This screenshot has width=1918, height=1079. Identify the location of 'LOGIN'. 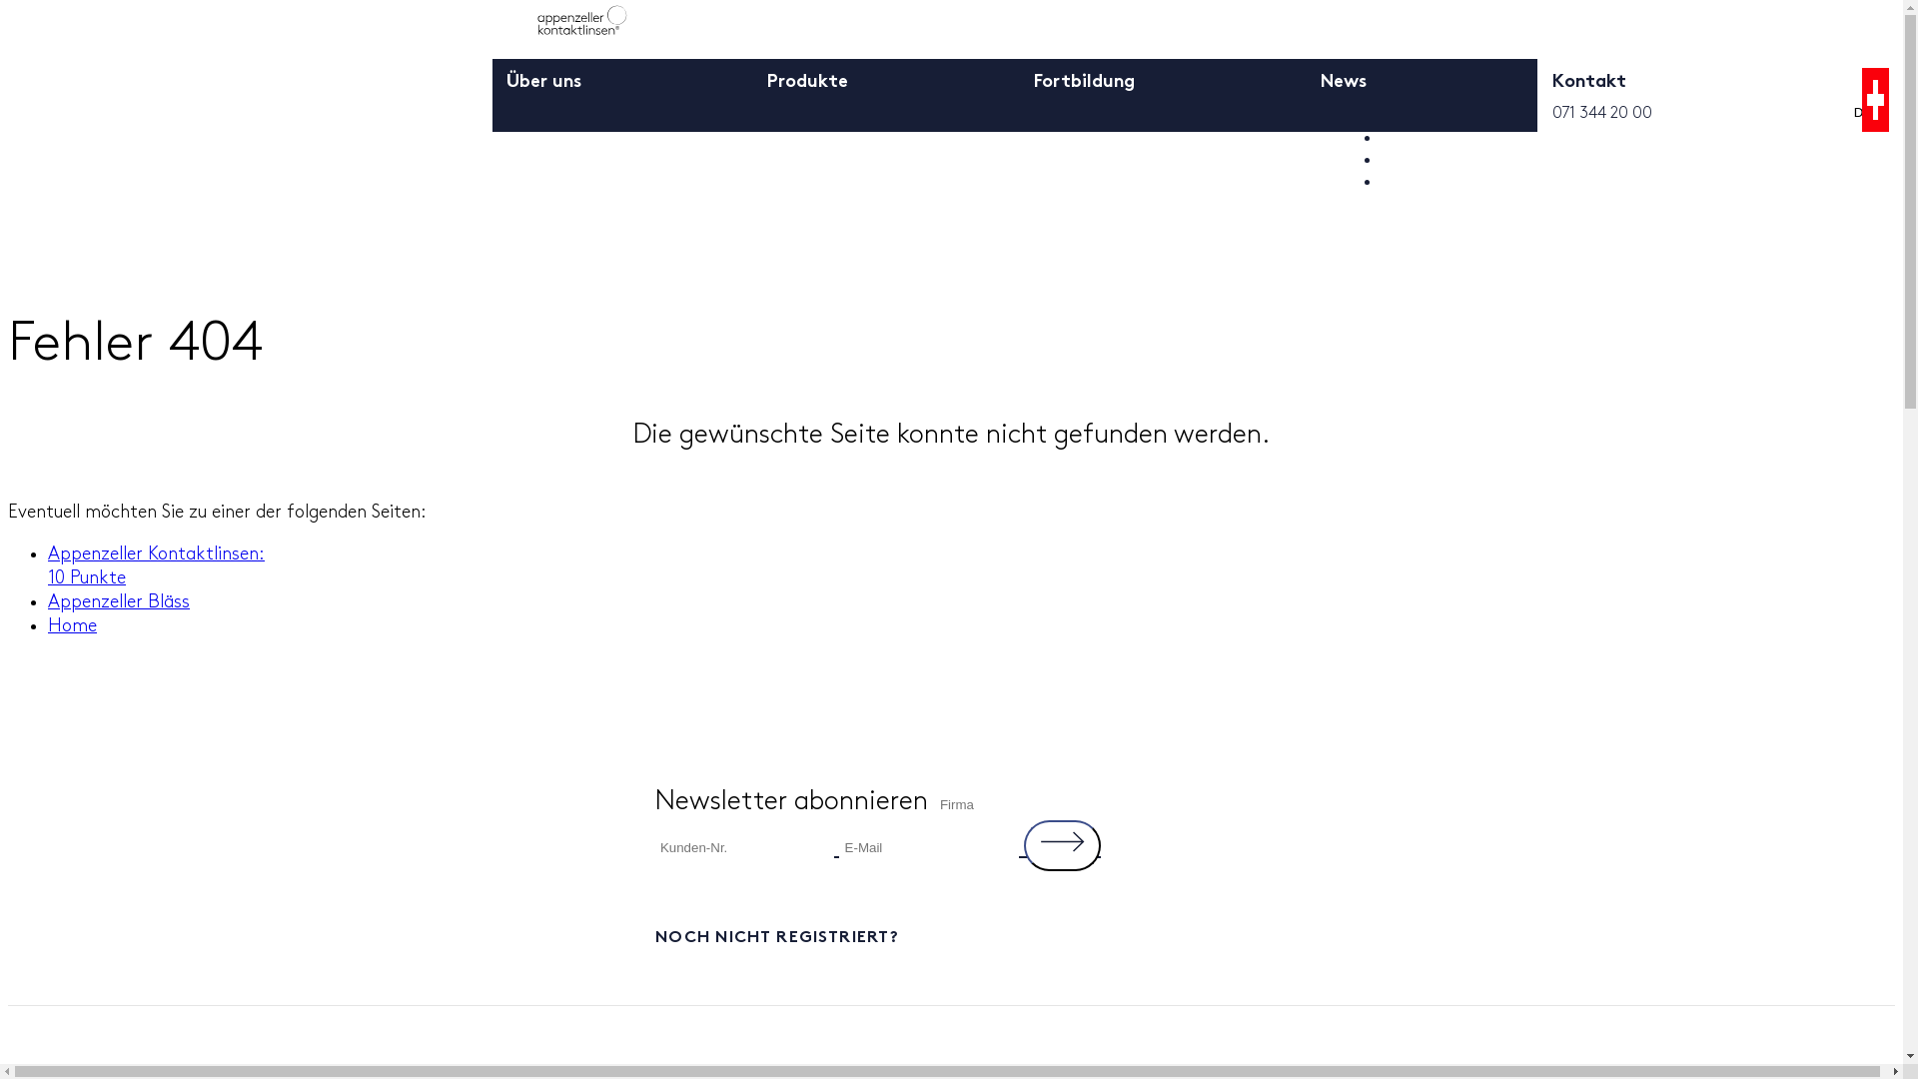
(1380, 116).